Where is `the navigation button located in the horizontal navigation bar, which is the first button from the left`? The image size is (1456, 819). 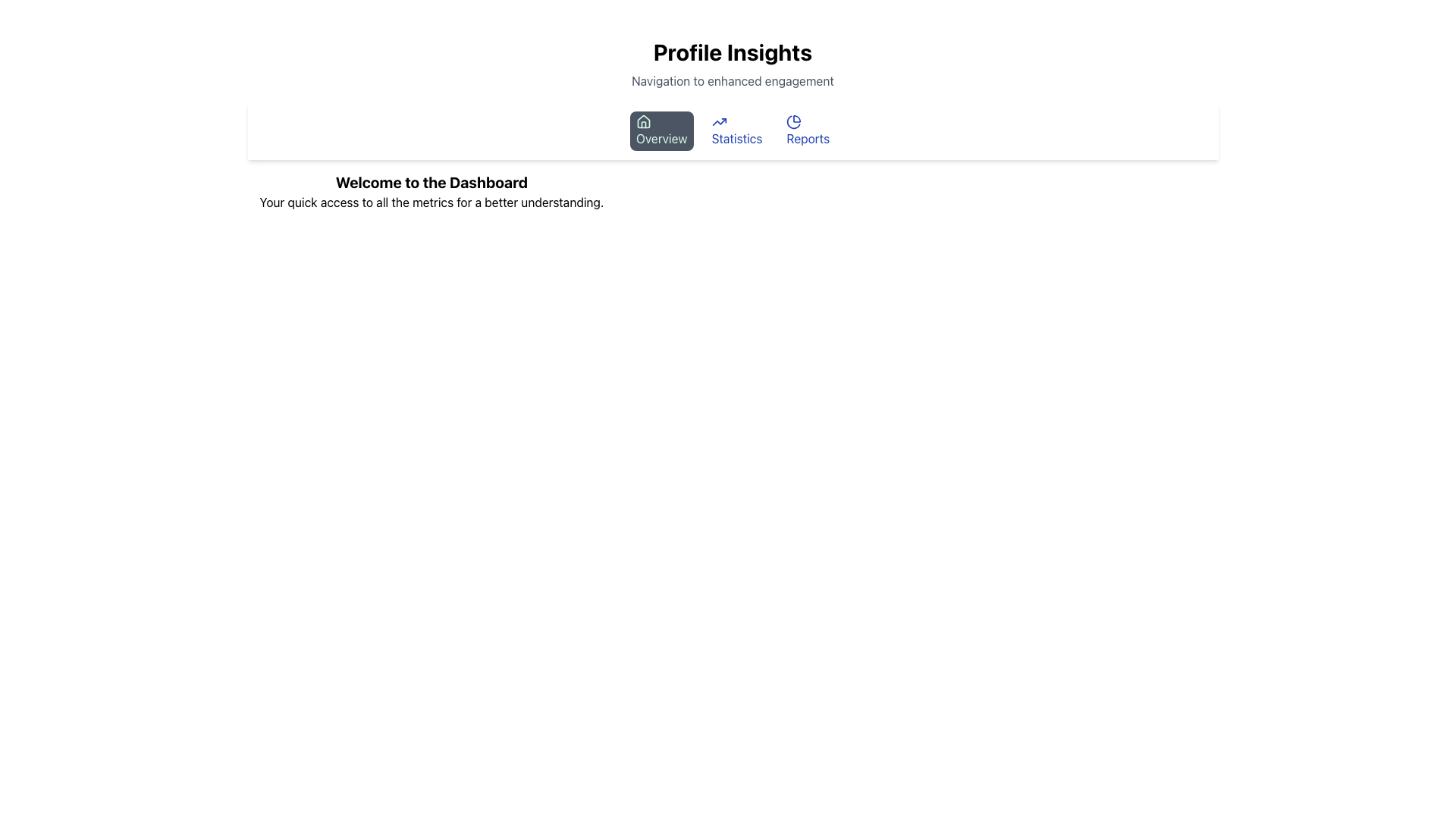
the navigation button located in the horizontal navigation bar, which is the first button from the left is located at coordinates (661, 130).